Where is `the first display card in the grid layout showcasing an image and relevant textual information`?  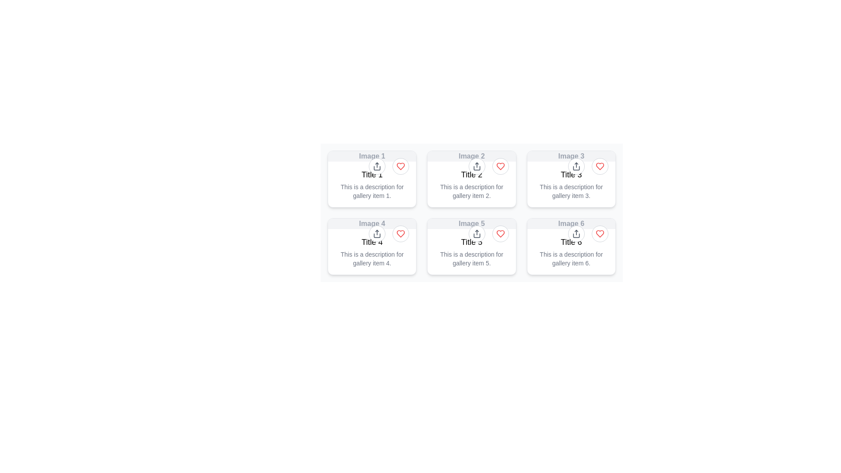
the first display card in the grid layout showcasing an image and relevant textual information is located at coordinates (372, 178).